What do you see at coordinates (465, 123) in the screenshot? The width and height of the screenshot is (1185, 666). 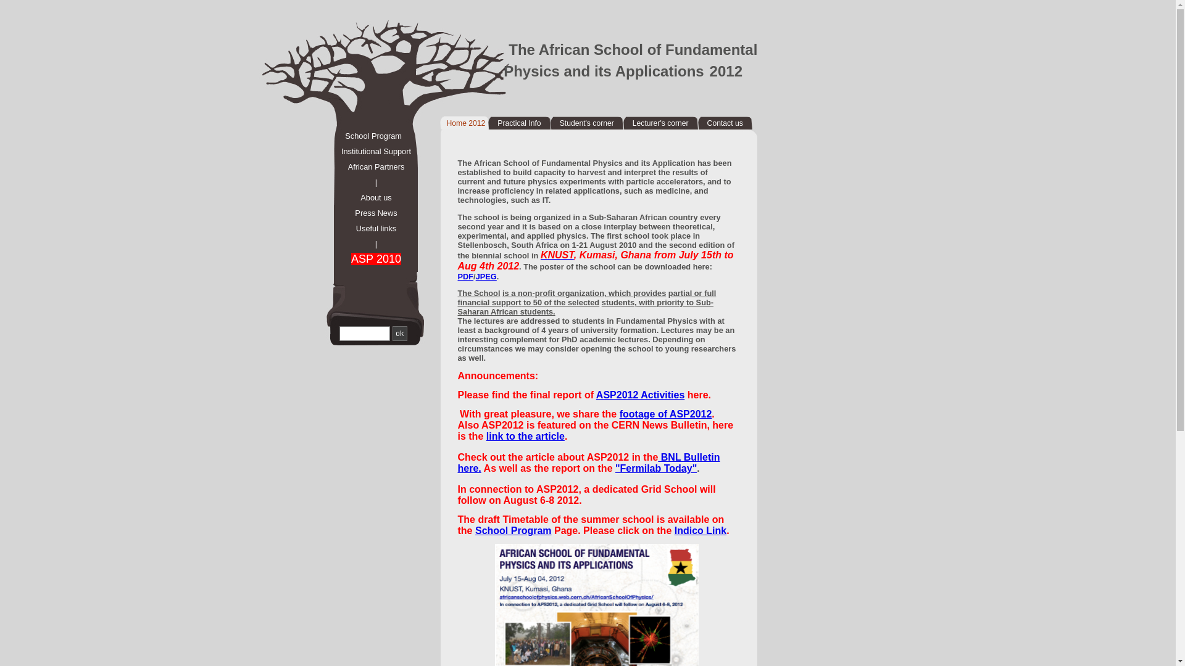 I see `'Home 2012'` at bounding box center [465, 123].